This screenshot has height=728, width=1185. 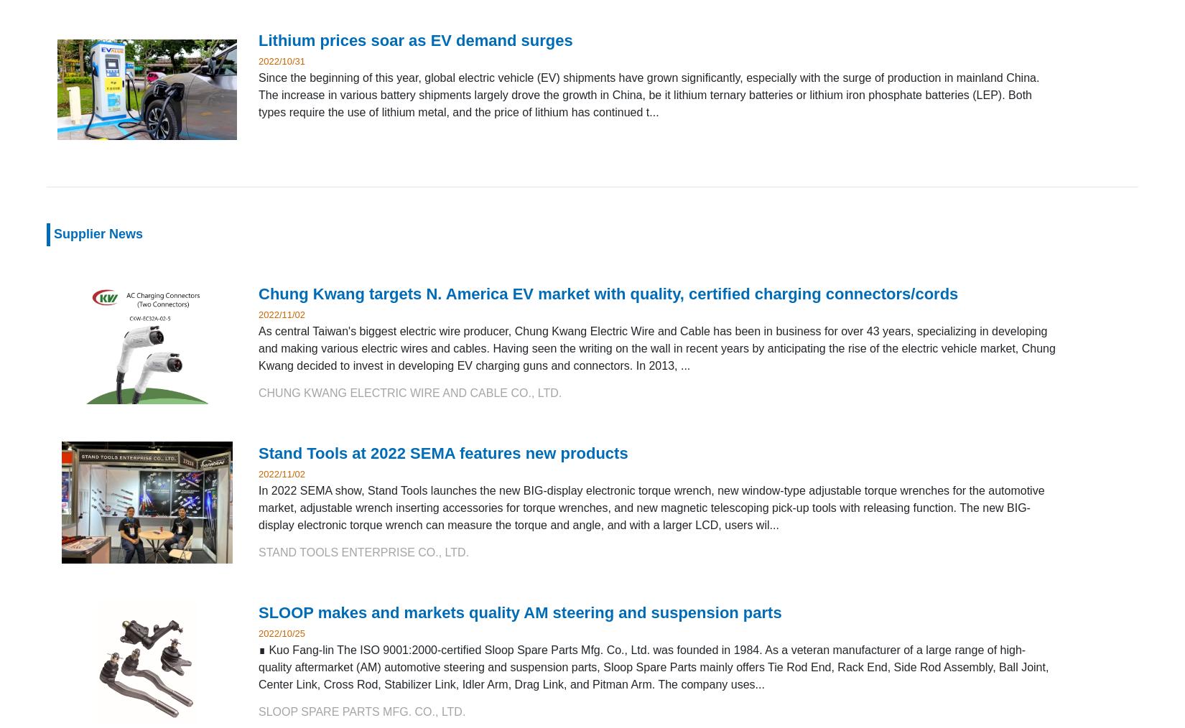 What do you see at coordinates (608, 292) in the screenshot?
I see `'Chung Kwang targets N. America EV market with quality, certified charging connectors/cords'` at bounding box center [608, 292].